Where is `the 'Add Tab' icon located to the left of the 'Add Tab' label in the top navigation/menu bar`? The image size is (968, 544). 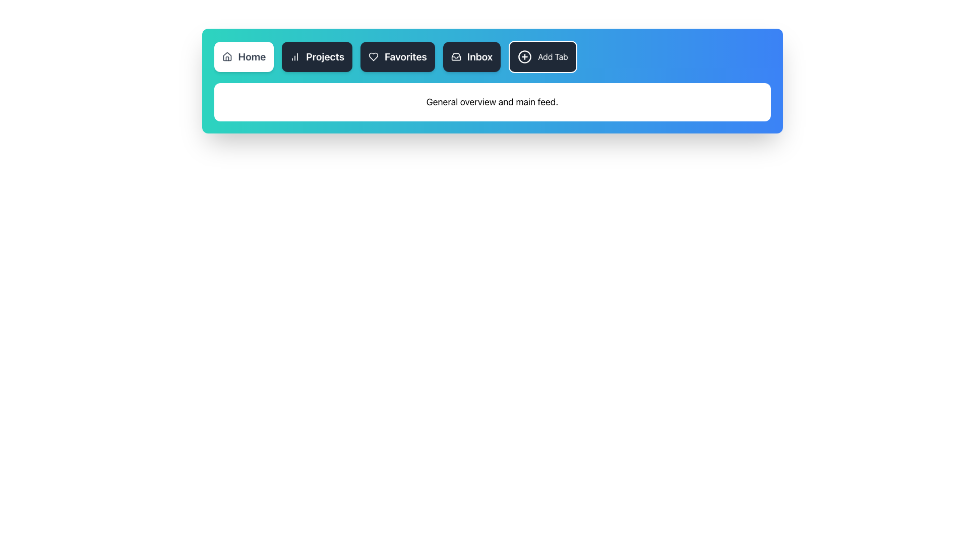 the 'Add Tab' icon located to the left of the 'Add Tab' label in the top navigation/menu bar is located at coordinates (524, 56).